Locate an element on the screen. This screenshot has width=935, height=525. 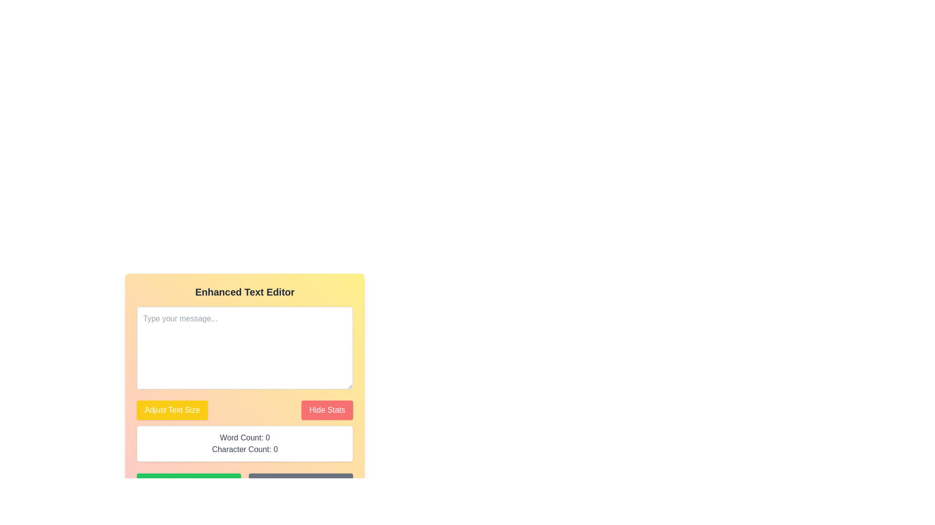
the Text Display element that indicates the current word count, located above the 'Character Count: 0' element within a white, rounded rectangular box is located at coordinates (245, 438).